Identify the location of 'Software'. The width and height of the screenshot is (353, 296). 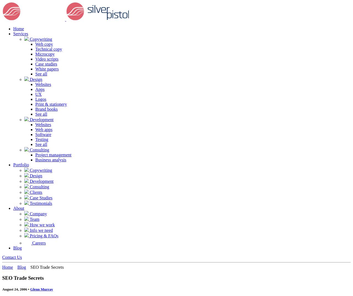
(43, 134).